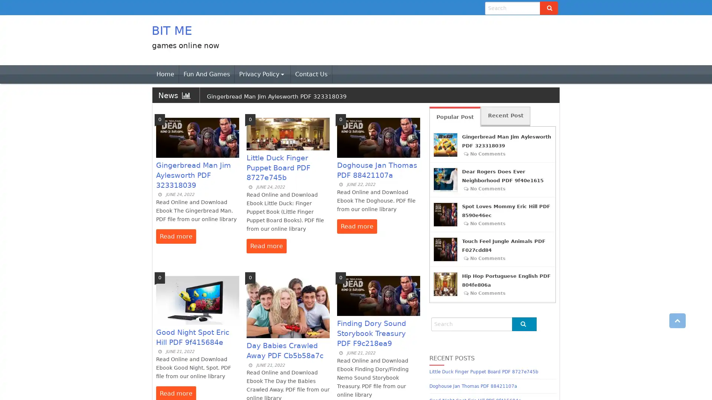 The height and width of the screenshot is (400, 712). I want to click on Go, so click(549, 7).